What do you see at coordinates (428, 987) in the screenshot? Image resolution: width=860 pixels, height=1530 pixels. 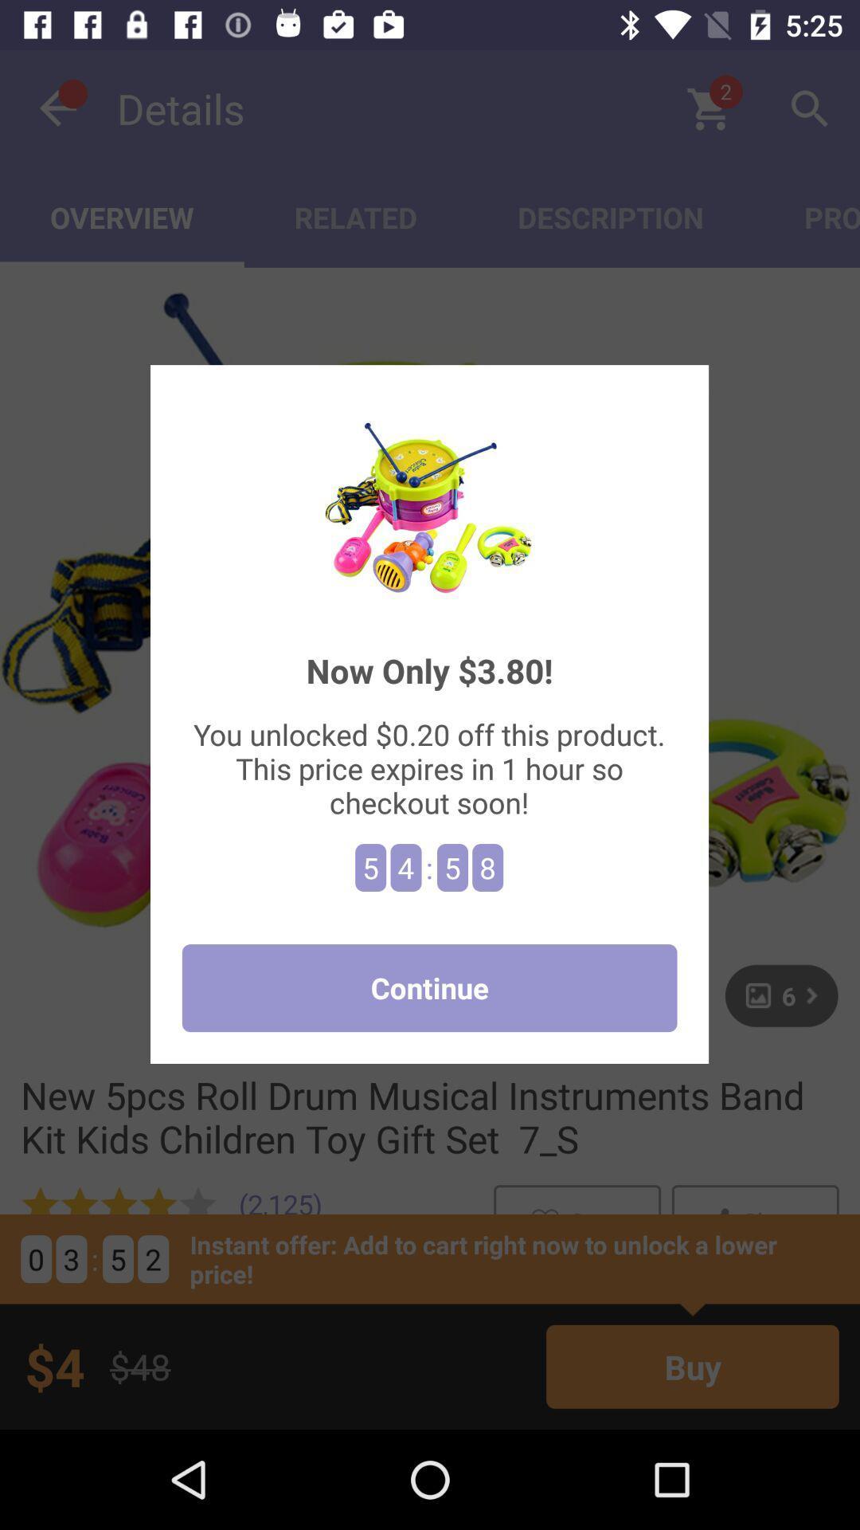 I see `continue icon` at bounding box center [428, 987].